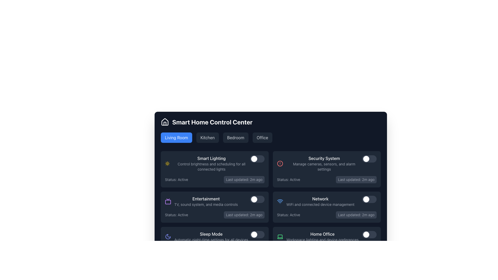 This screenshot has height=280, width=498. What do you see at coordinates (326, 201) in the screenshot?
I see `the 'Network' section label and descriptor text block element, which includes an accompanying icon, located in the second row and third column of the grid in the Smart Home Control Center interface` at bounding box center [326, 201].